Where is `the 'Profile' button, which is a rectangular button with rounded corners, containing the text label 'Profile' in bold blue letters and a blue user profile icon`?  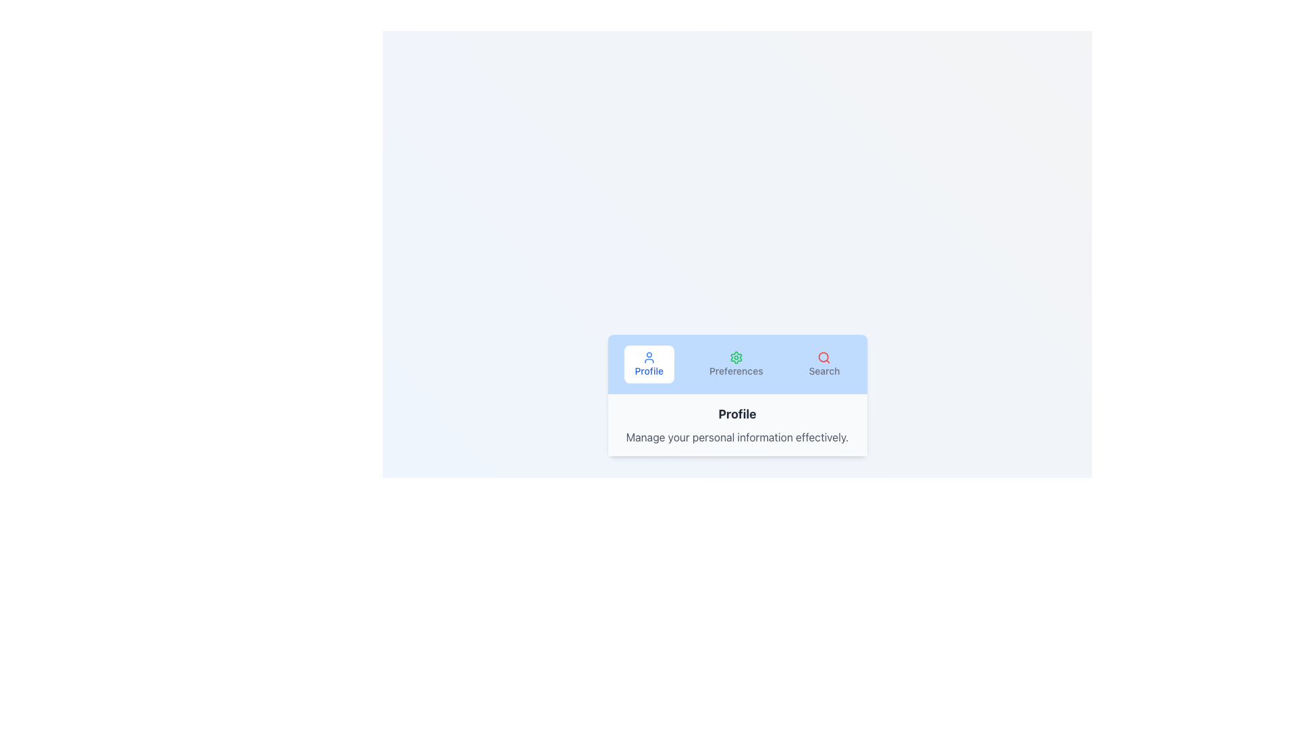 the 'Profile' button, which is a rectangular button with rounded corners, containing the text label 'Profile' in bold blue letters and a blue user profile icon is located at coordinates (649, 364).